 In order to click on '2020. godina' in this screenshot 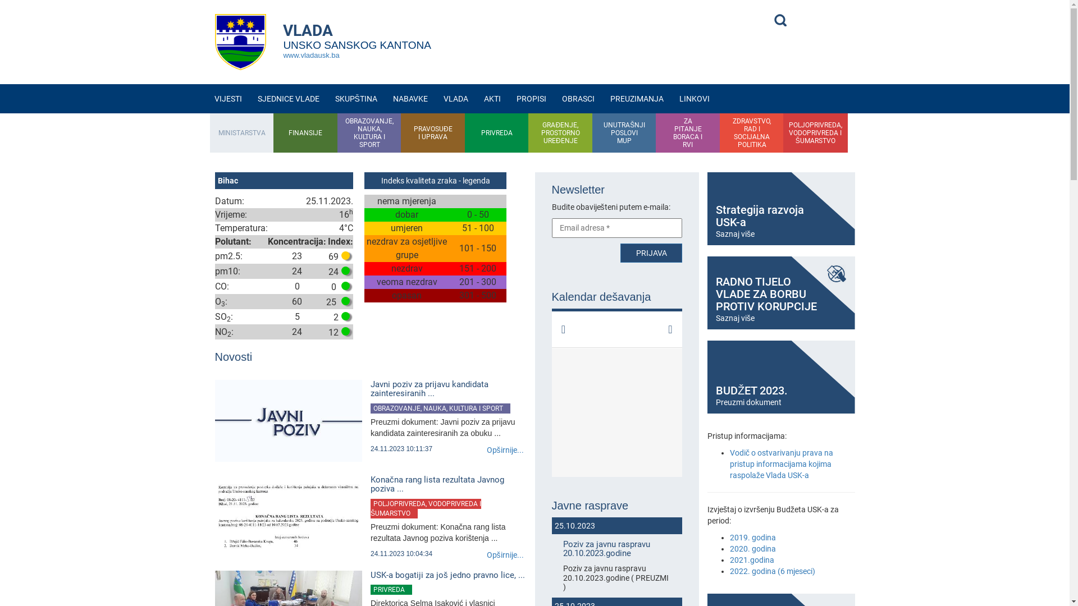, I will do `click(752, 548)`.